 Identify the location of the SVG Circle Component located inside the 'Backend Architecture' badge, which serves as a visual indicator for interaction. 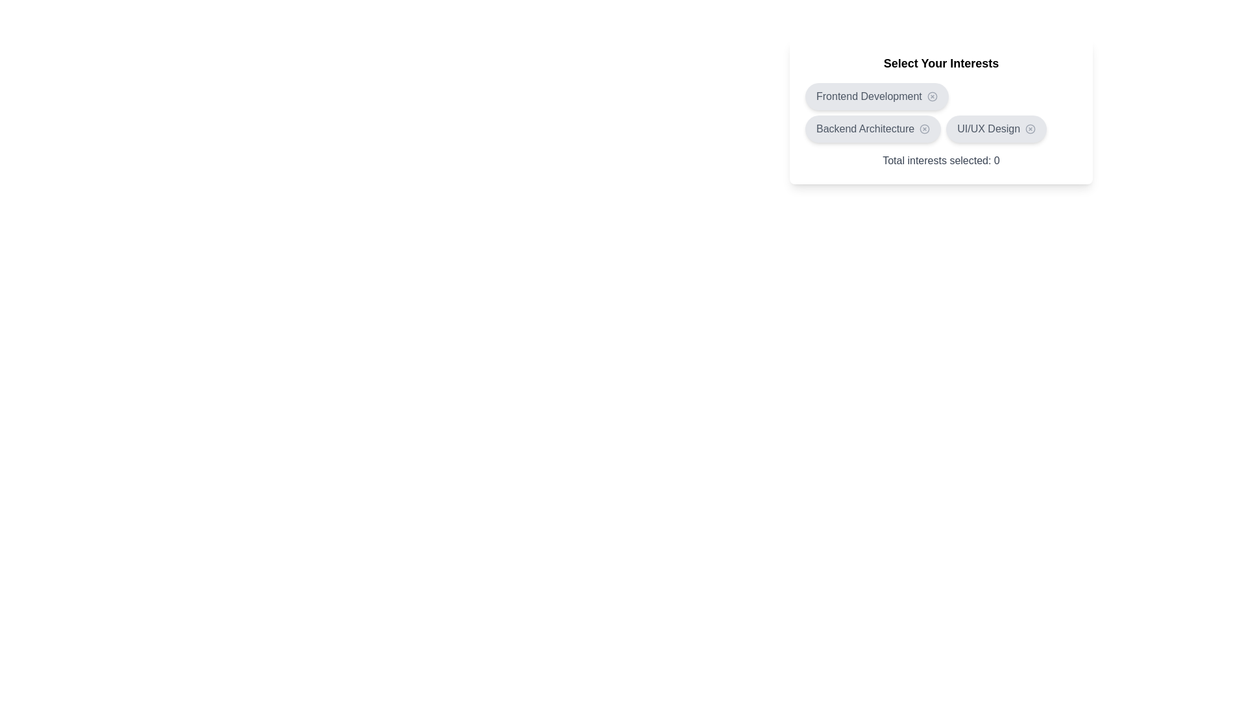
(924, 129).